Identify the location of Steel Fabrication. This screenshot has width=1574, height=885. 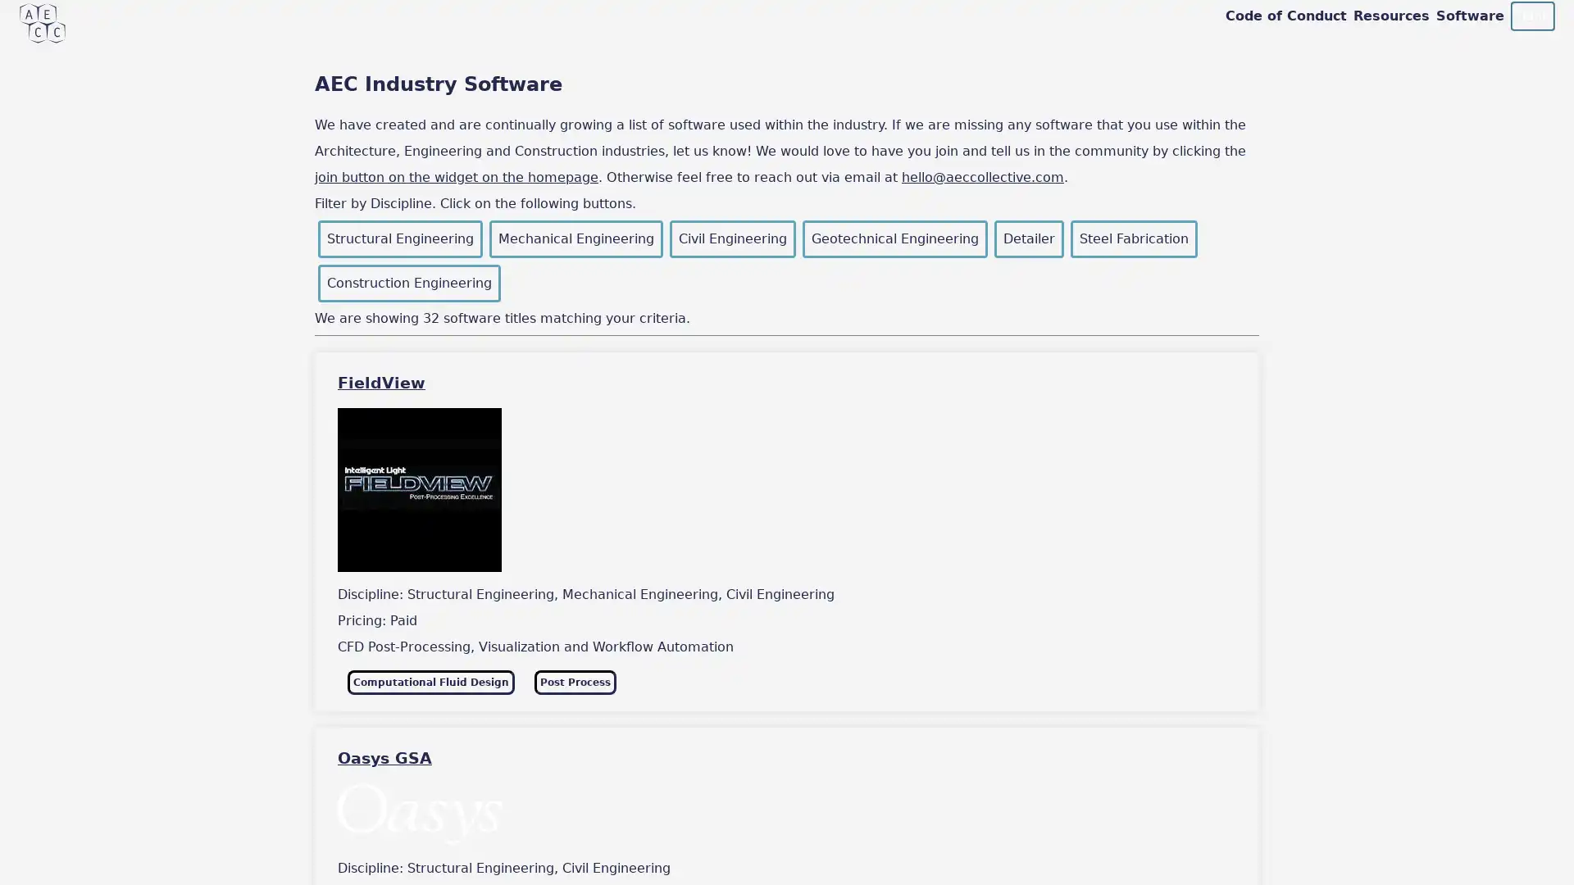
(1133, 239).